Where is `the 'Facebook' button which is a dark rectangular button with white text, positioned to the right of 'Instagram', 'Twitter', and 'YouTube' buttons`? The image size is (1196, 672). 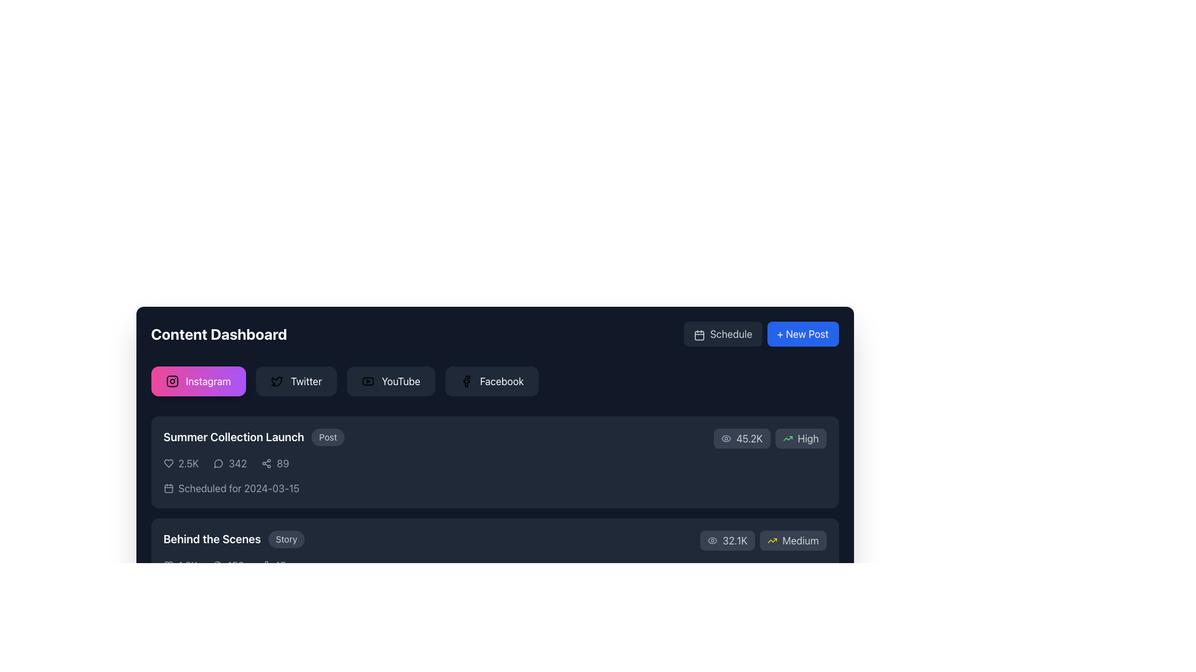
the 'Facebook' button which is a dark rectangular button with white text, positioned to the right of 'Instagram', 'Twitter', and 'YouTube' buttons is located at coordinates (501, 381).